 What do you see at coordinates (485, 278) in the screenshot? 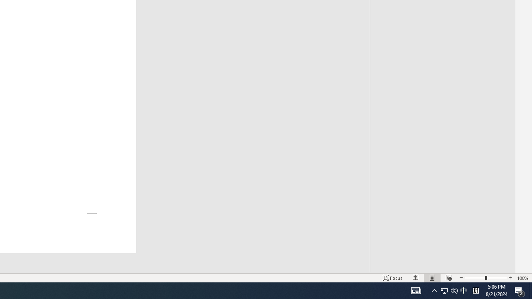
I see `'Zoom'` at bounding box center [485, 278].